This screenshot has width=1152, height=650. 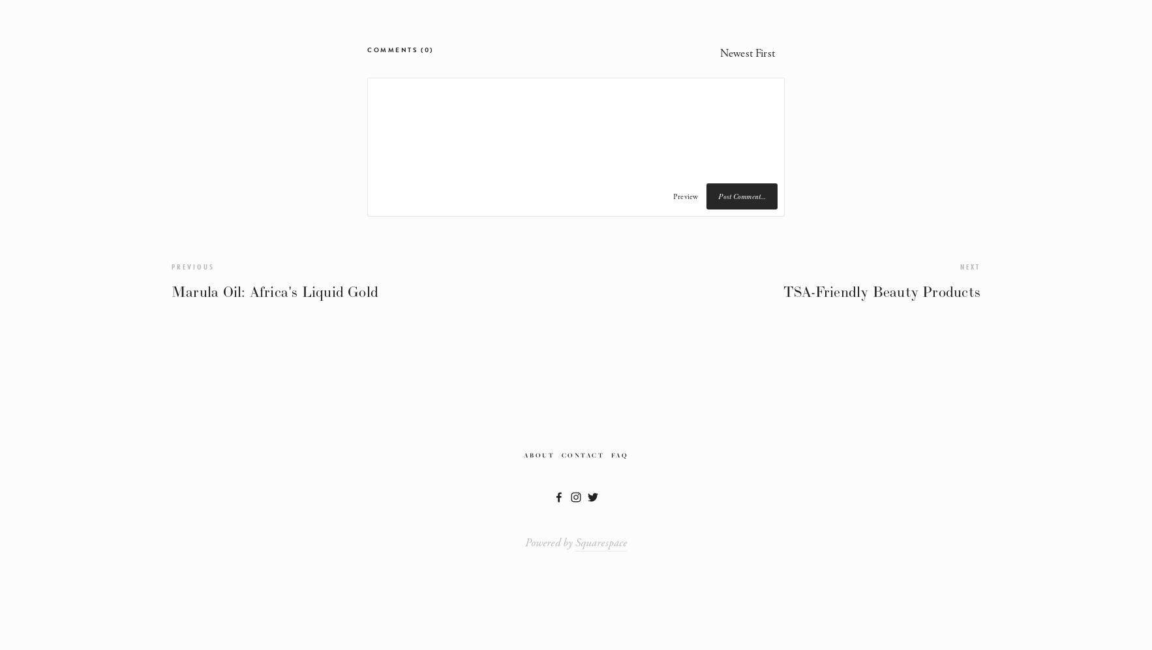 What do you see at coordinates (970, 266) in the screenshot?
I see `'Next'` at bounding box center [970, 266].